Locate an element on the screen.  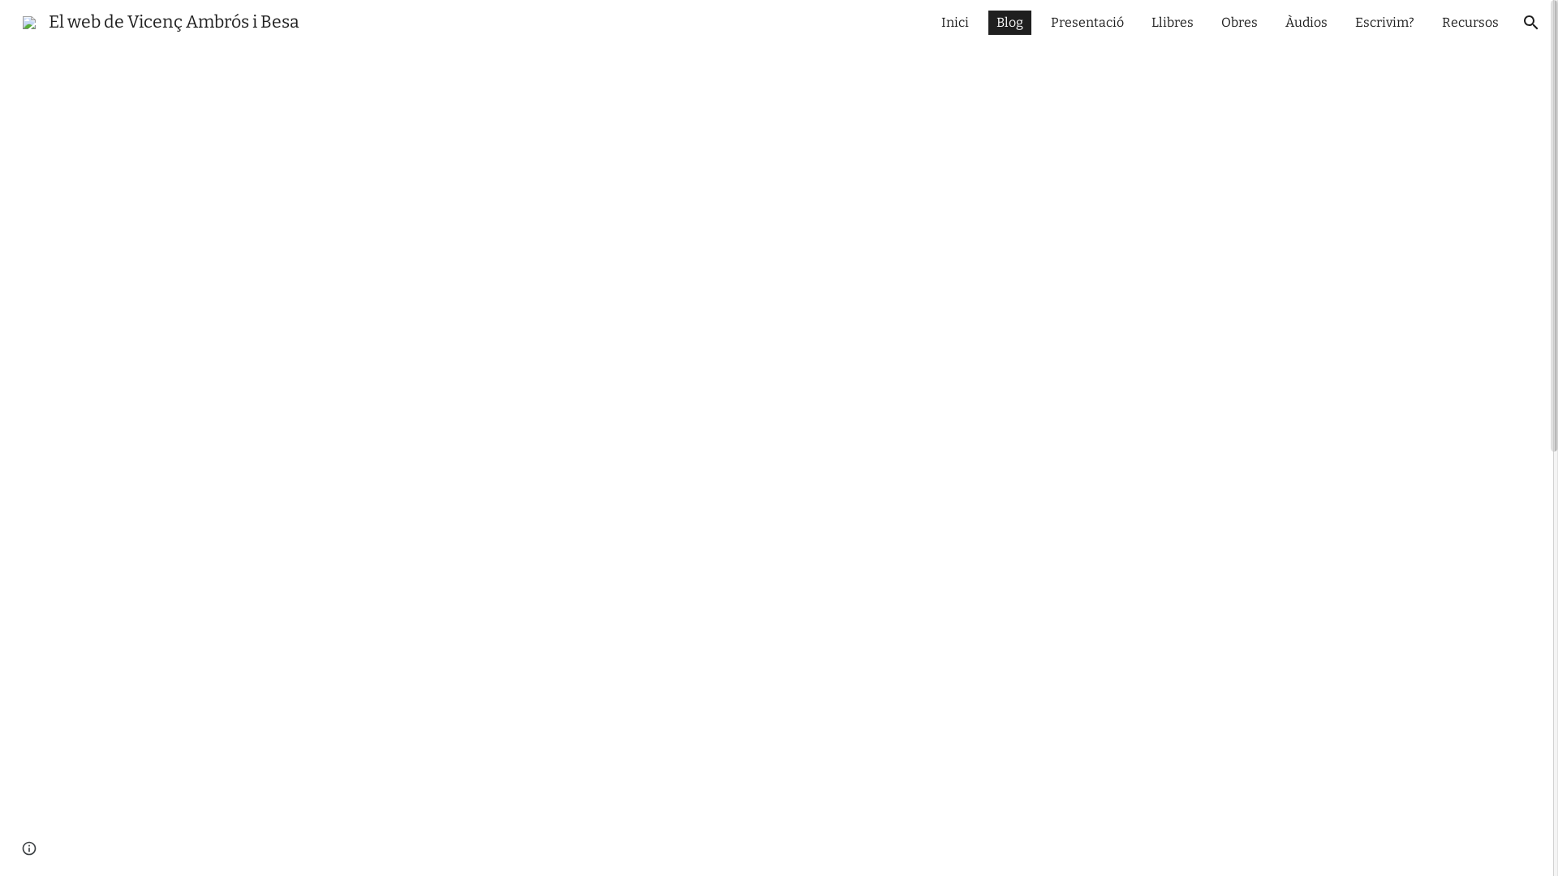
'Inici' is located at coordinates (954, 22).